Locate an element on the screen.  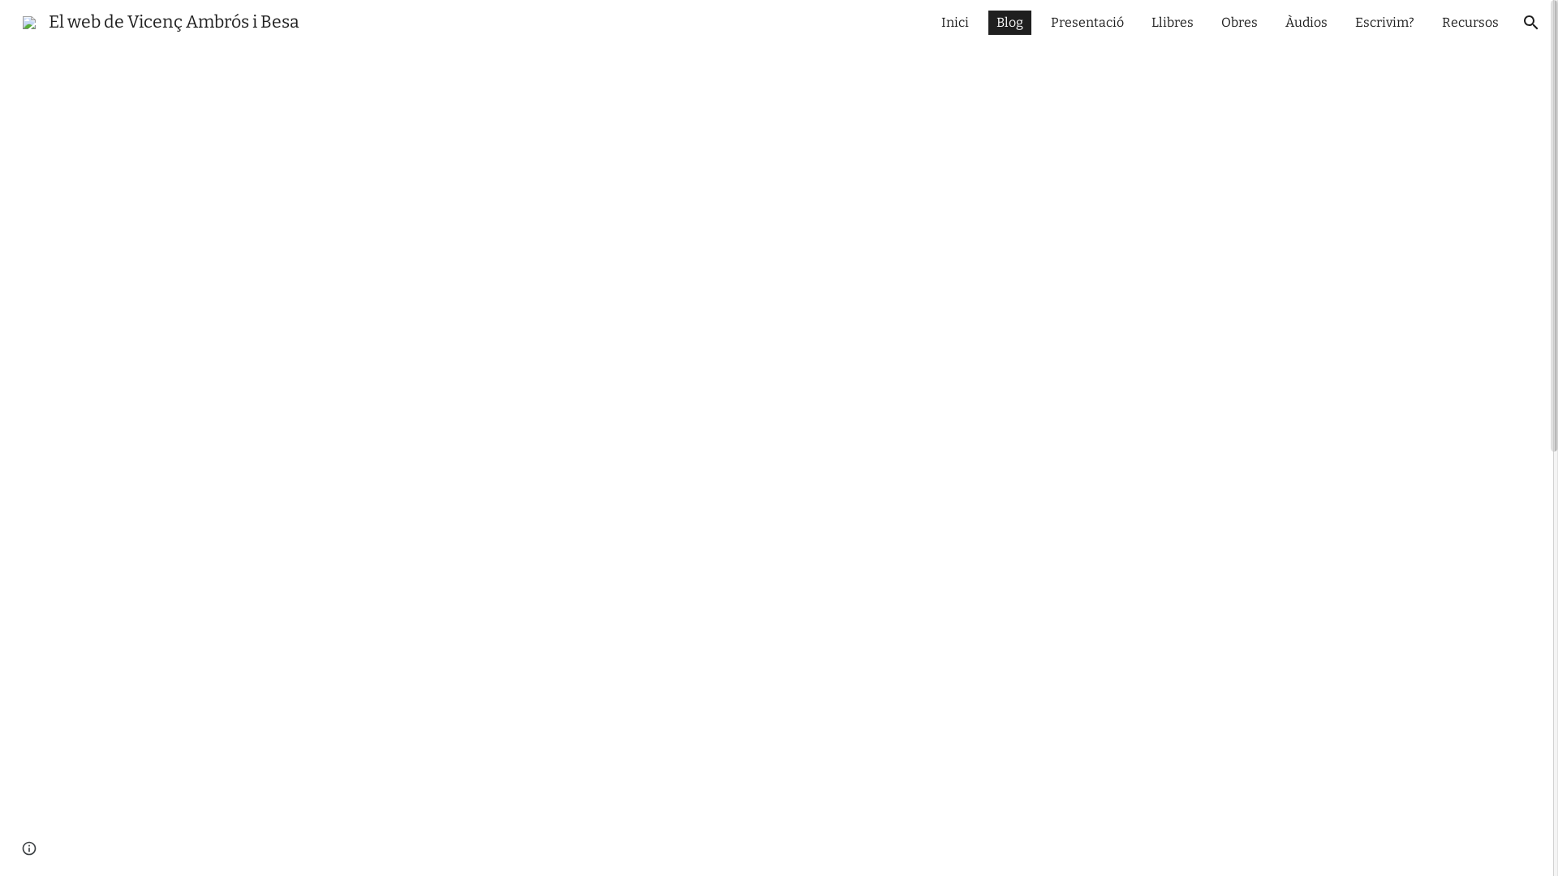
'Inici' is located at coordinates (954, 22).